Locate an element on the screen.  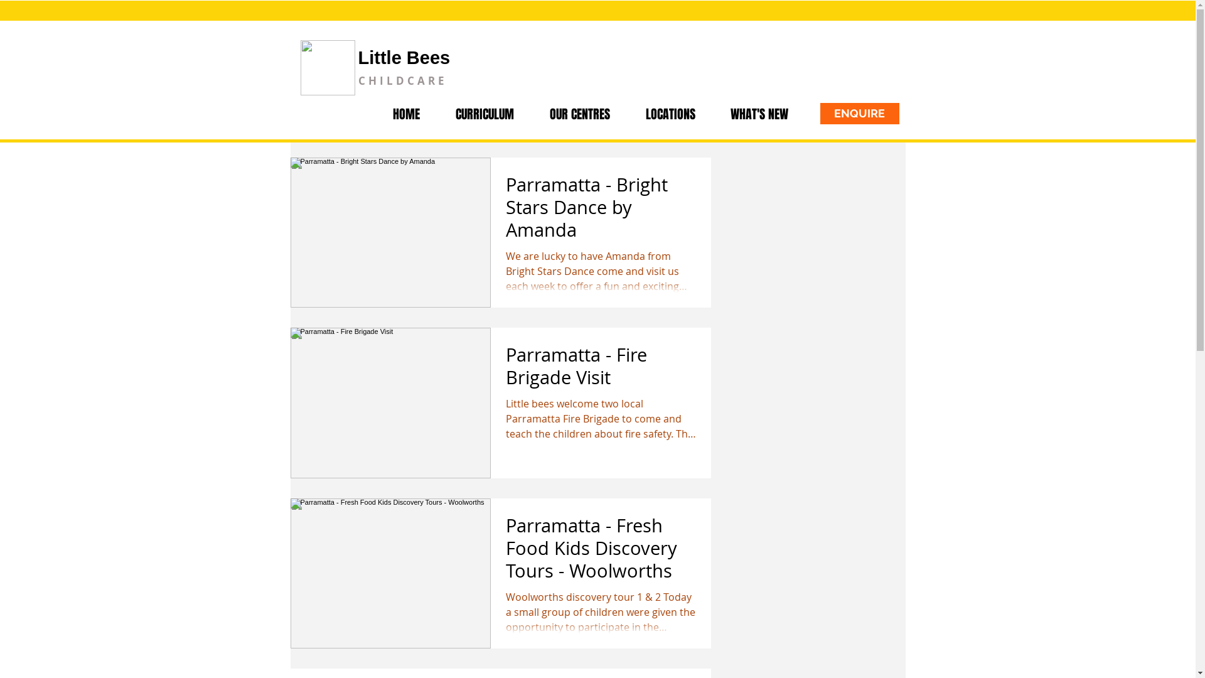
'Little-Bees-logo-final-final.png' is located at coordinates (327, 68).